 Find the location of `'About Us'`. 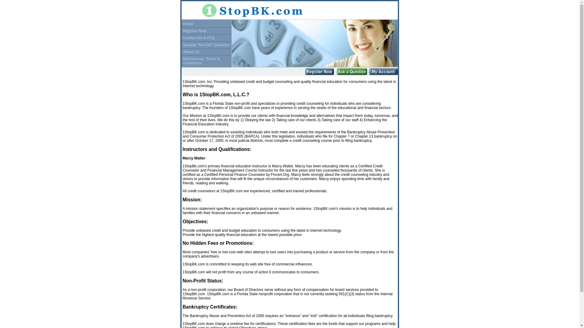

'About Us' is located at coordinates (191, 51).